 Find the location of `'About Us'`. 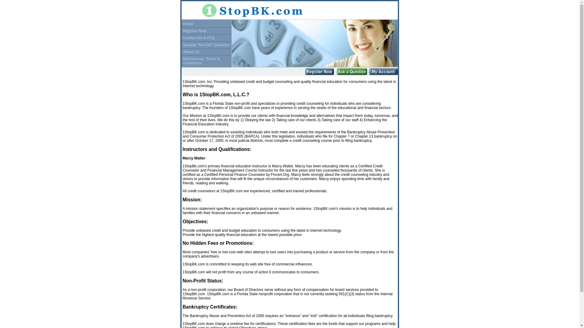

'About Us' is located at coordinates (191, 51).